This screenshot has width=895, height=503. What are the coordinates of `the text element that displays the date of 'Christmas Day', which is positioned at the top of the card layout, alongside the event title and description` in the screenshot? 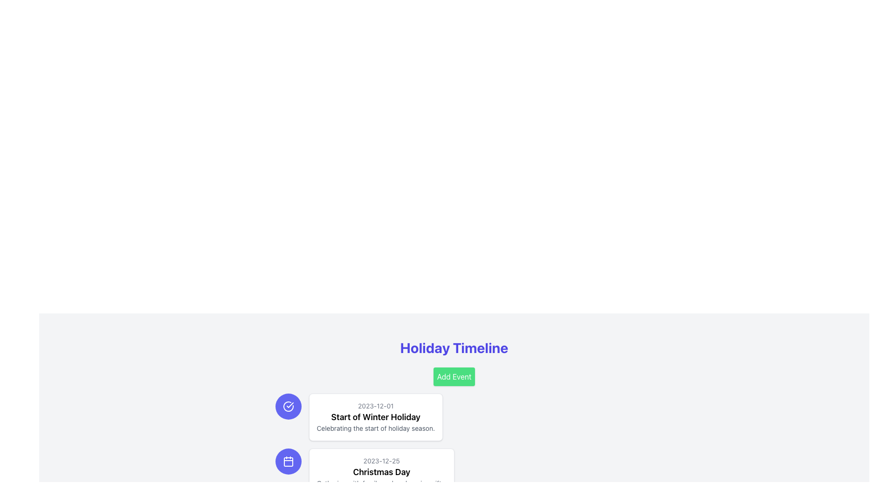 It's located at (381, 461).